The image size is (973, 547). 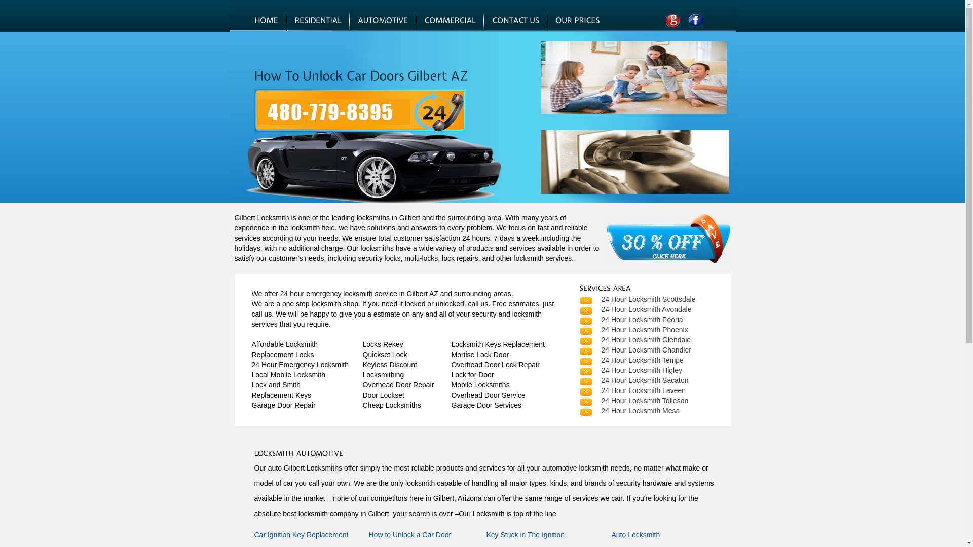 I want to click on 'Replacement Keys', so click(x=281, y=394).